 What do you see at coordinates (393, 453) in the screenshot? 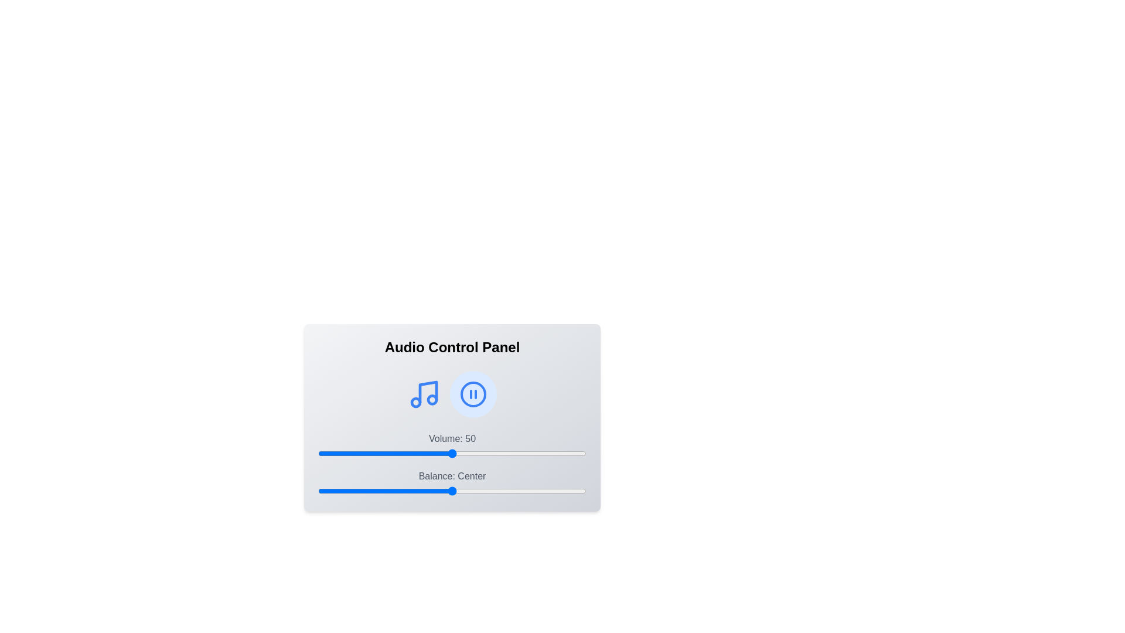
I see `the slider value` at bounding box center [393, 453].